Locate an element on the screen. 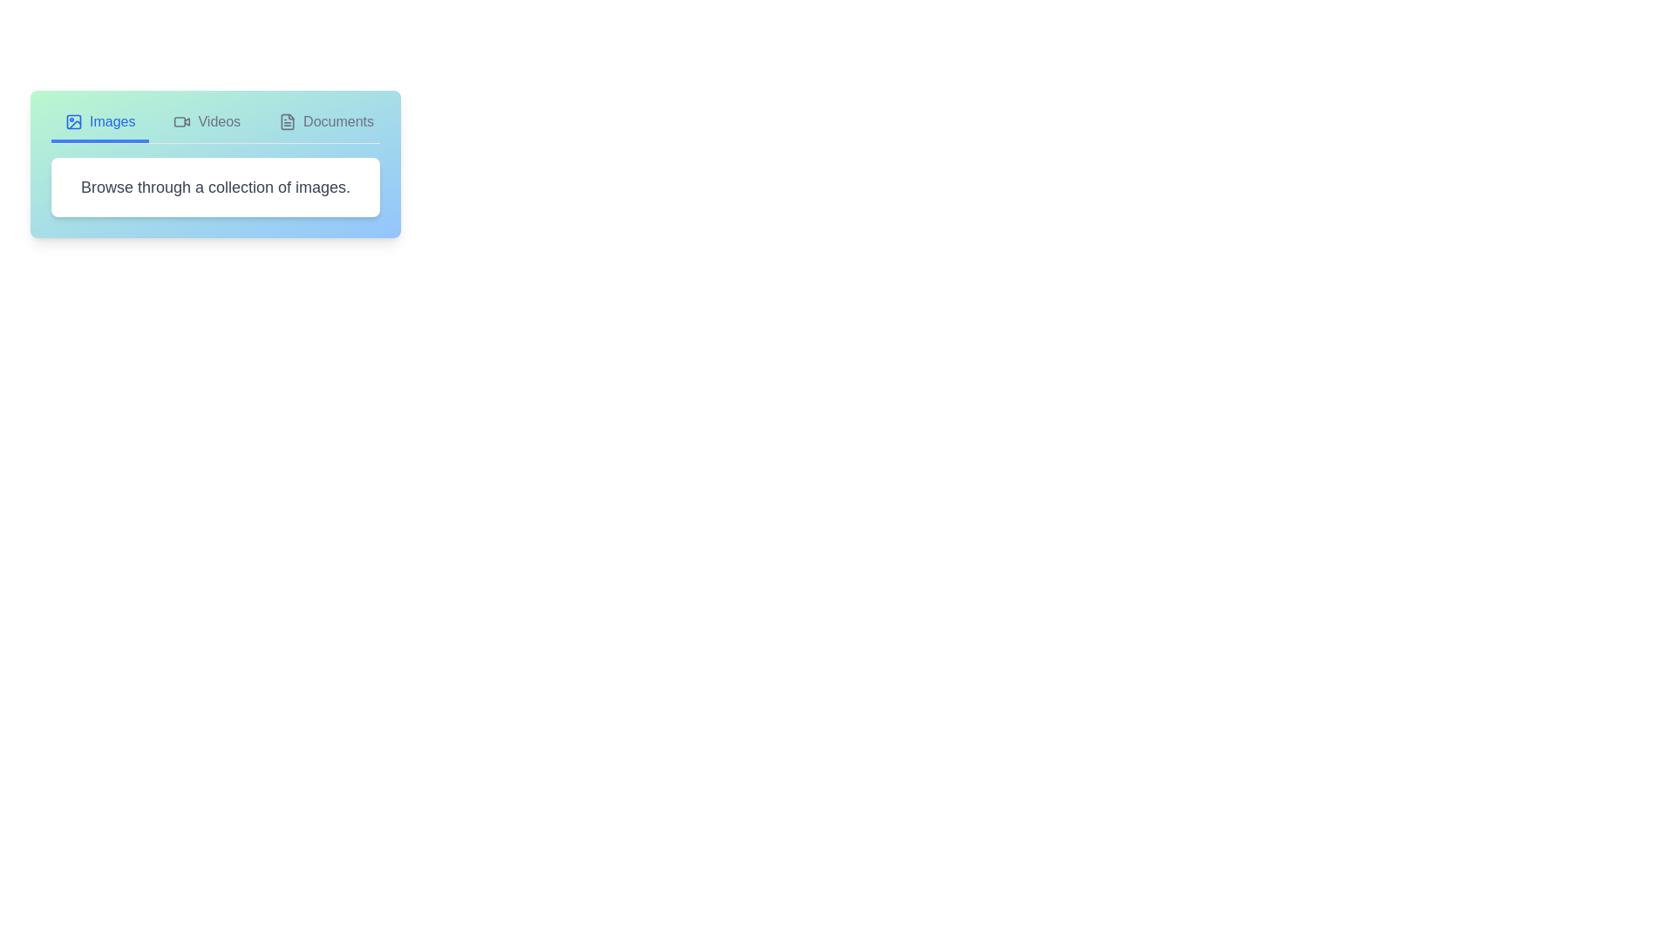  the tab labeled Images is located at coordinates (99, 126).